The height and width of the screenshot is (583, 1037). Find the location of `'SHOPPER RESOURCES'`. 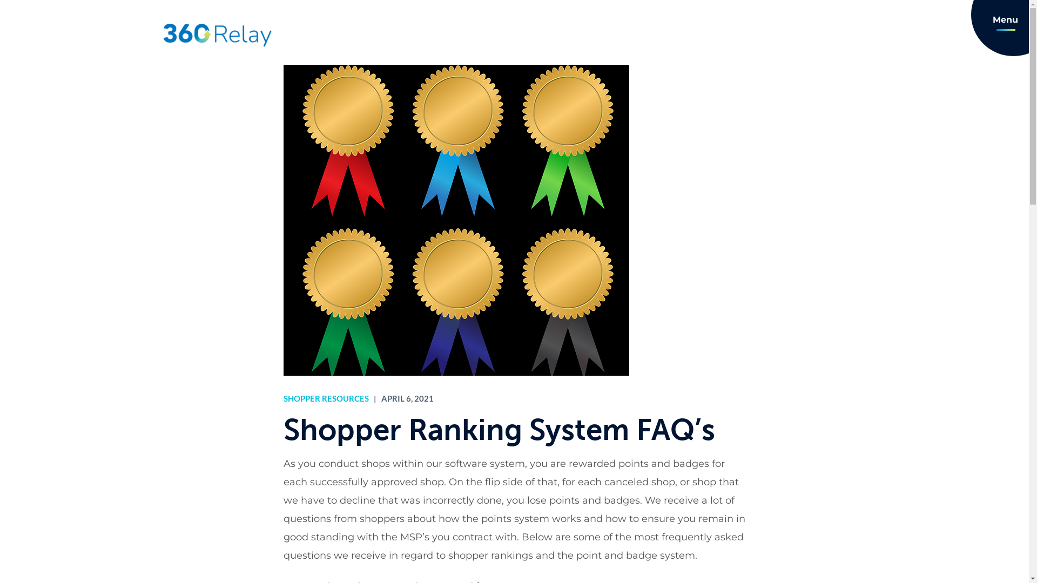

'SHOPPER RESOURCES' is located at coordinates (282, 398).